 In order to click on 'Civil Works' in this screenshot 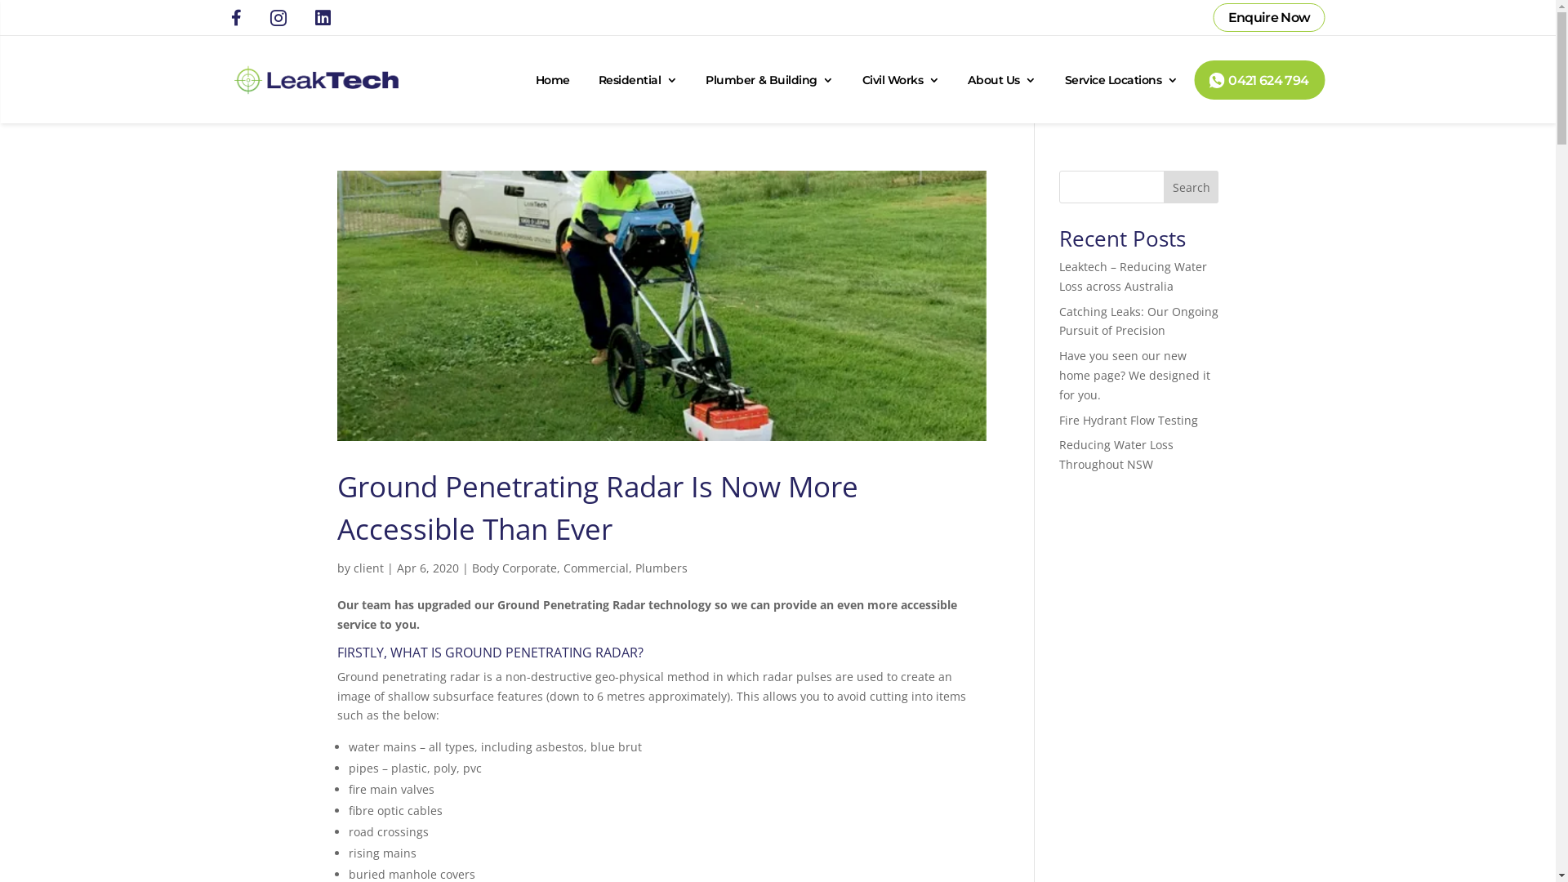, I will do `click(900, 79)`.